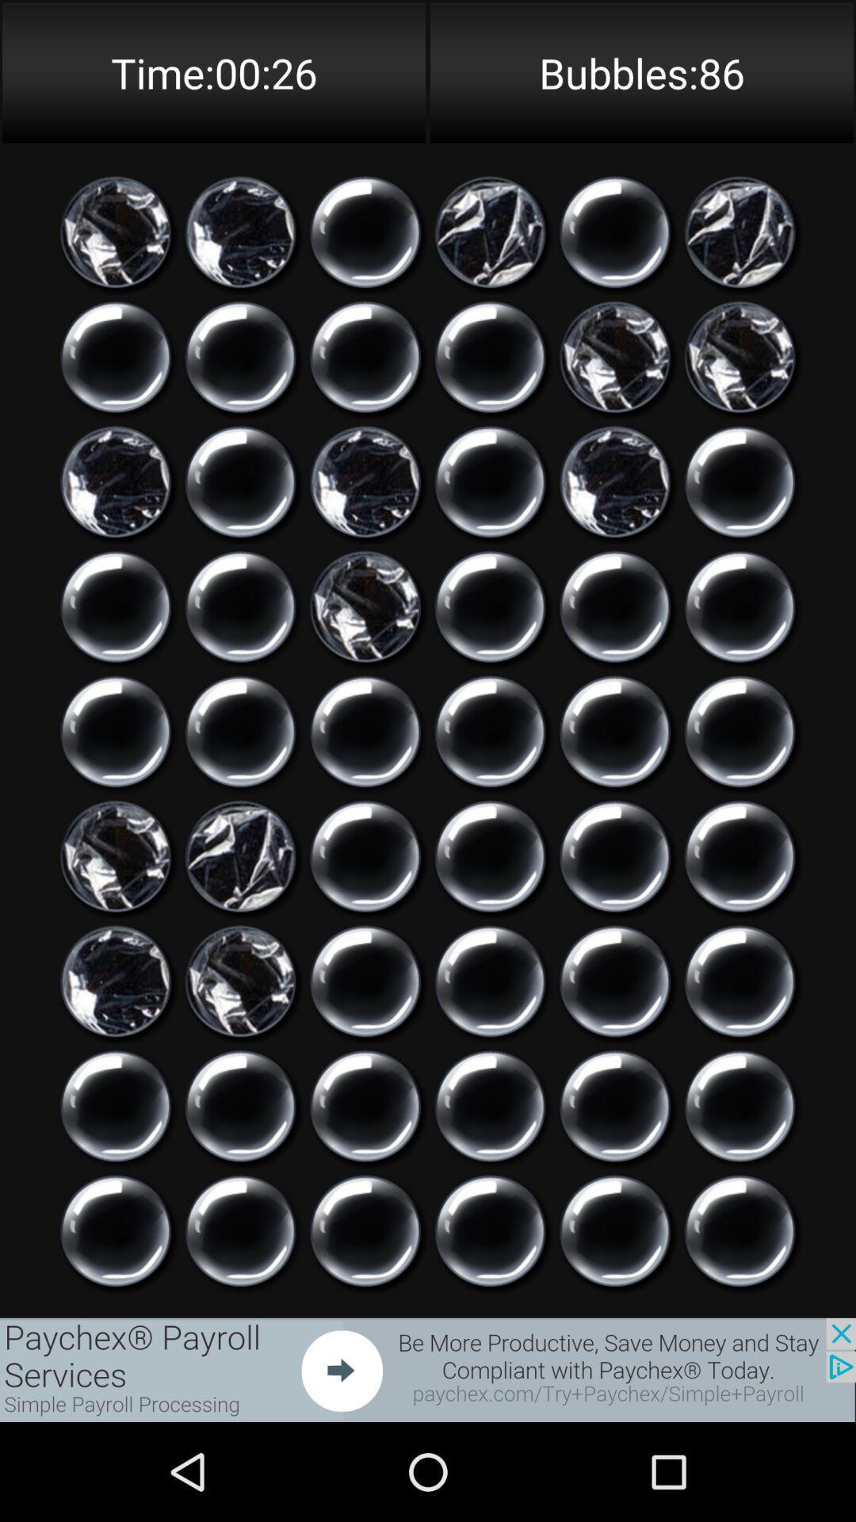 The width and height of the screenshot is (856, 1522). I want to click on the refresh icon, so click(240, 783).